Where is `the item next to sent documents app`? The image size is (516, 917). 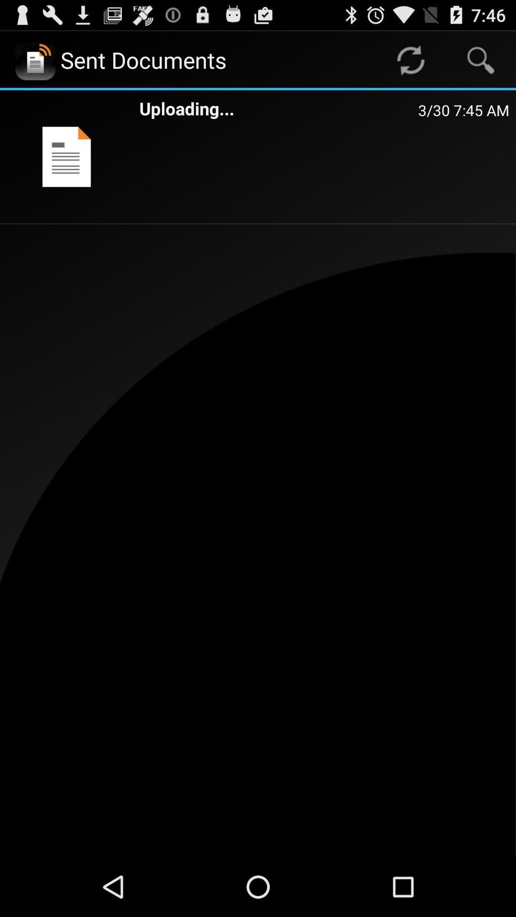 the item next to sent documents app is located at coordinates (410, 59).